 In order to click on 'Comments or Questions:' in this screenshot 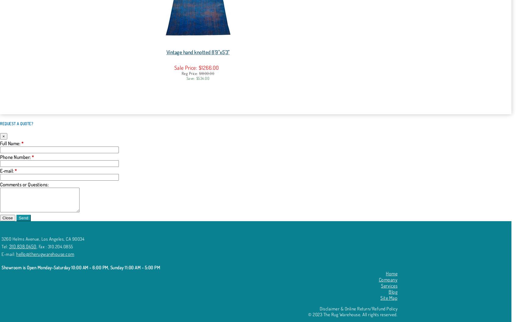, I will do `click(24, 184)`.